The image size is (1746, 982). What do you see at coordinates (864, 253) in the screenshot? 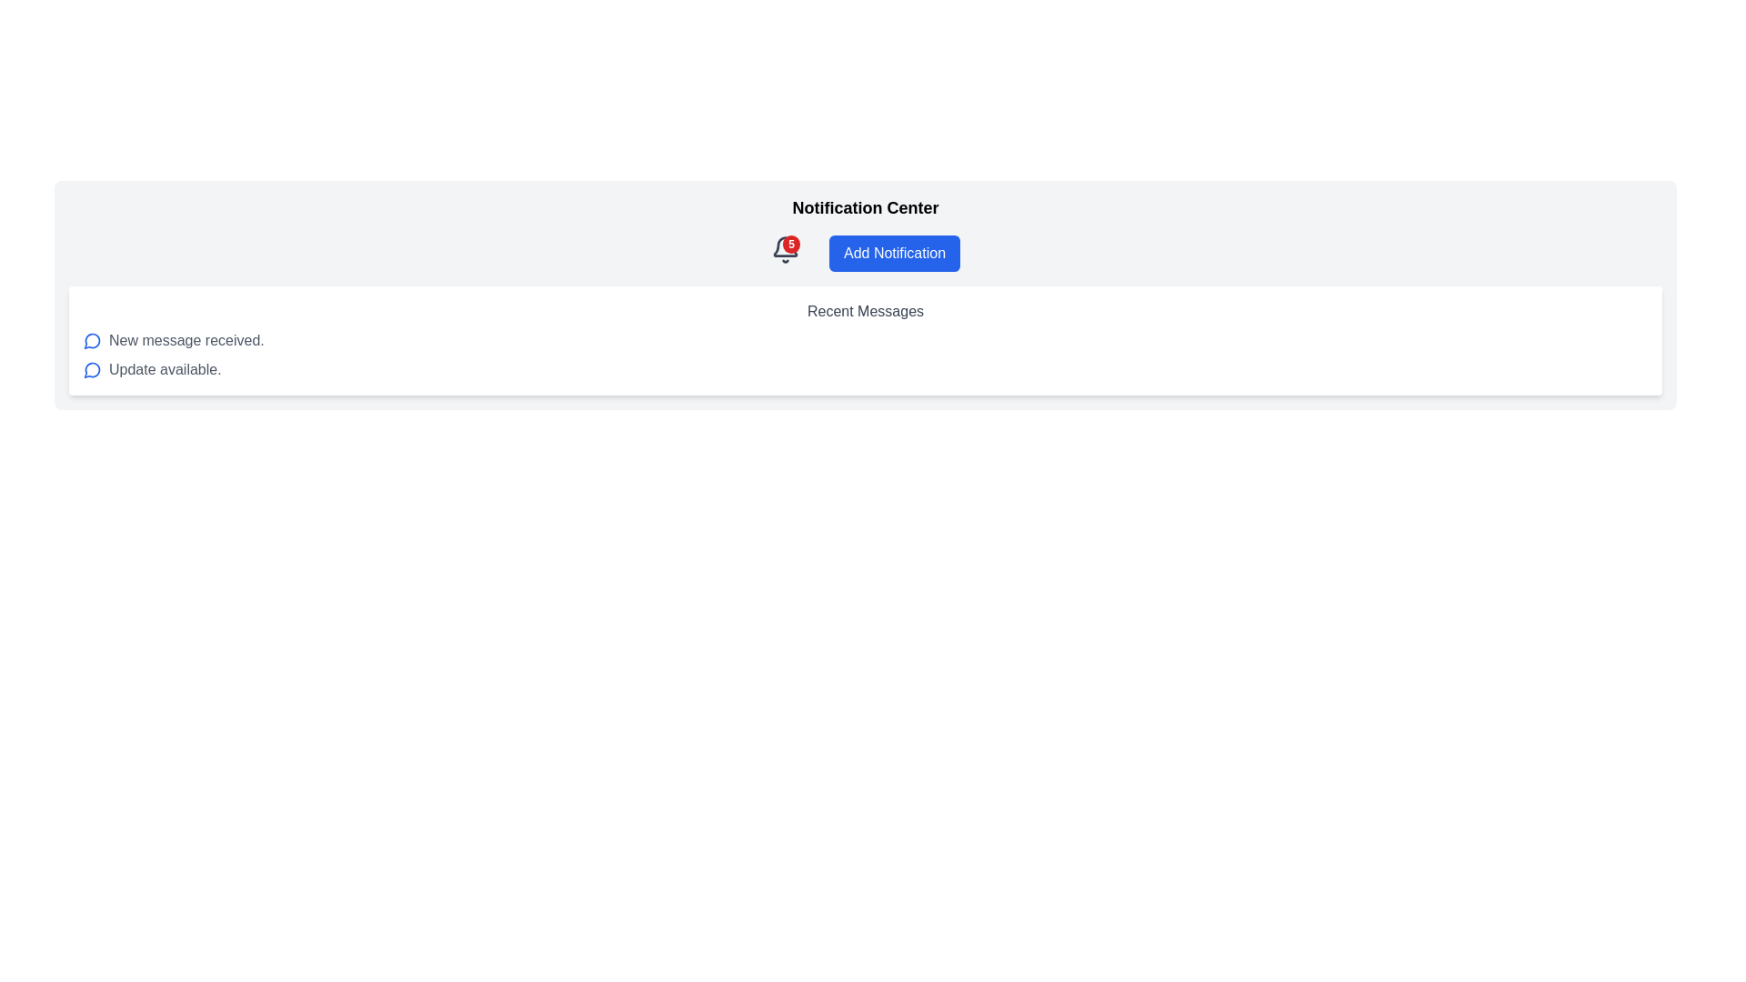
I see `the button that initiates the process of adding a new notification in the Notification Center interface` at bounding box center [864, 253].